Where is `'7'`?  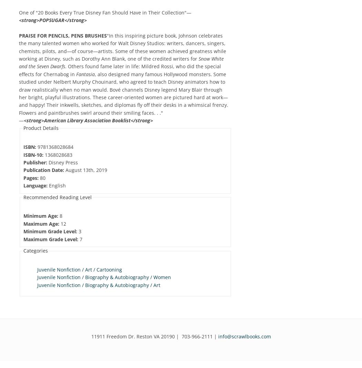
'7' is located at coordinates (78, 239).